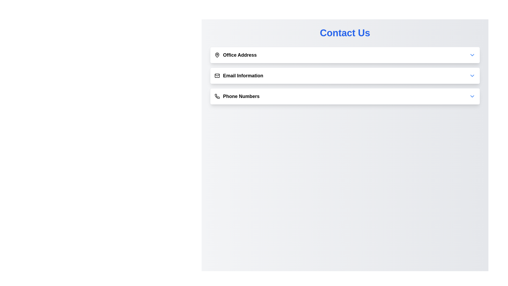  Describe the element at coordinates (217, 55) in the screenshot. I see `the vector-based pin icon that signifies a location, which is located on the left side of the 'Office Address' label in the top section of the interface` at that location.